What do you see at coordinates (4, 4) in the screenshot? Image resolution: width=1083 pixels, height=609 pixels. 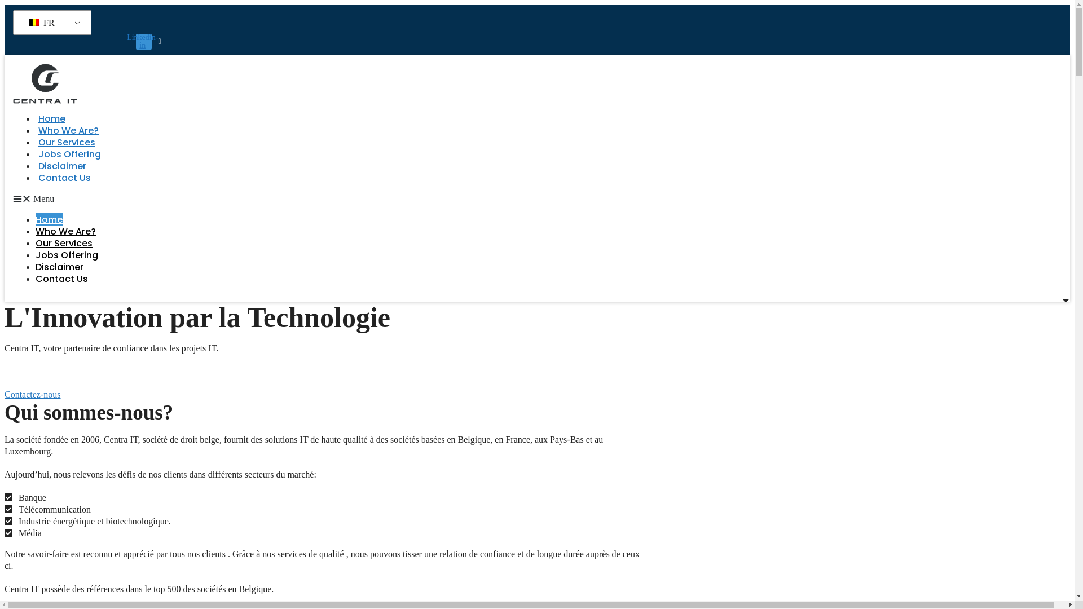 I see `'Aller au contenu'` at bounding box center [4, 4].